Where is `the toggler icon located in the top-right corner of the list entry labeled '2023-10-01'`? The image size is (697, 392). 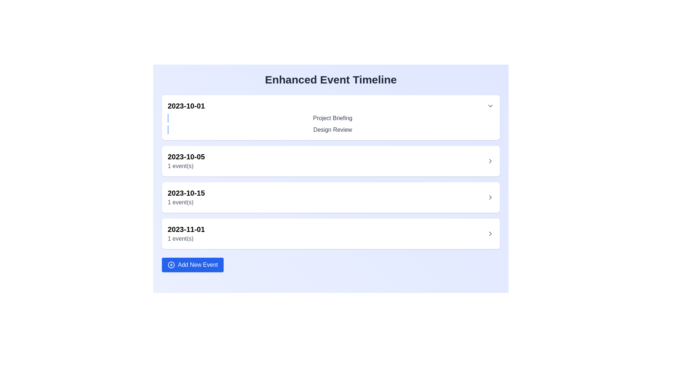 the toggler icon located in the top-right corner of the list entry labeled '2023-10-01' is located at coordinates (490, 106).